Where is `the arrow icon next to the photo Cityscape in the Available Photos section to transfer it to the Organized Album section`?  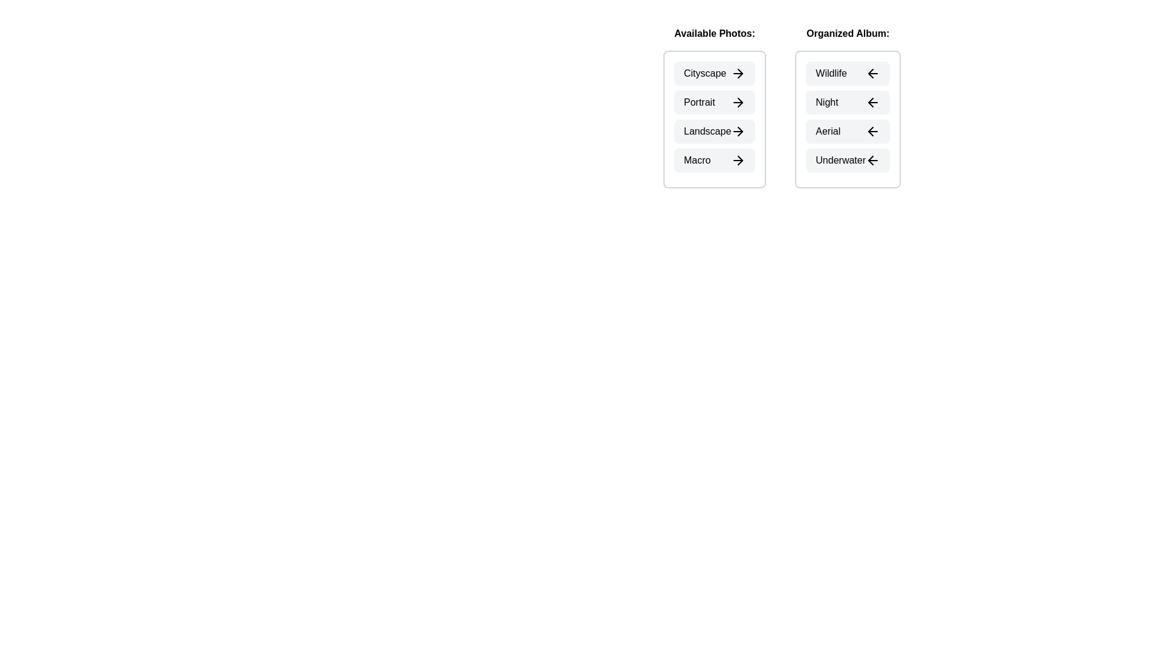 the arrow icon next to the photo Cityscape in the Available Photos section to transfer it to the Organized Album section is located at coordinates (738, 74).